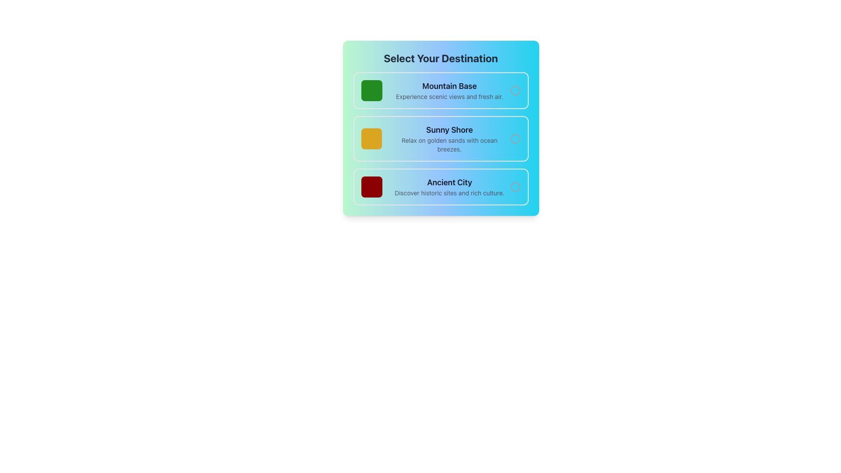  I want to click on information displayed in the card labeled 'Sunny Shore', which contains details about relaxing on golden sands with ocean breezes, so click(449, 138).